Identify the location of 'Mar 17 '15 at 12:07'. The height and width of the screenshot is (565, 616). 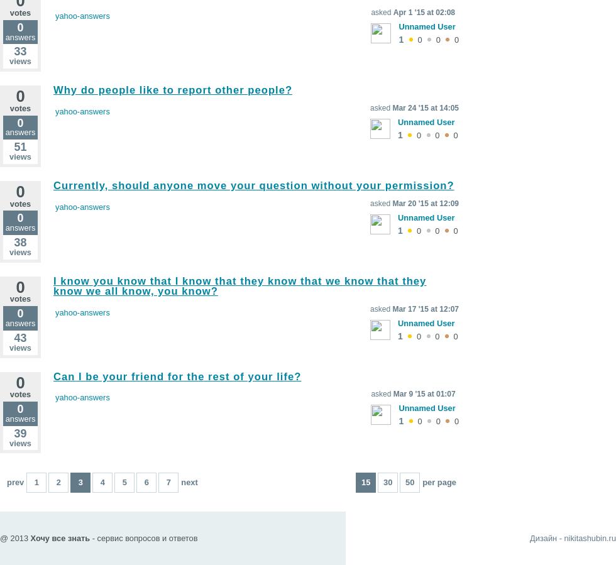
(425, 309).